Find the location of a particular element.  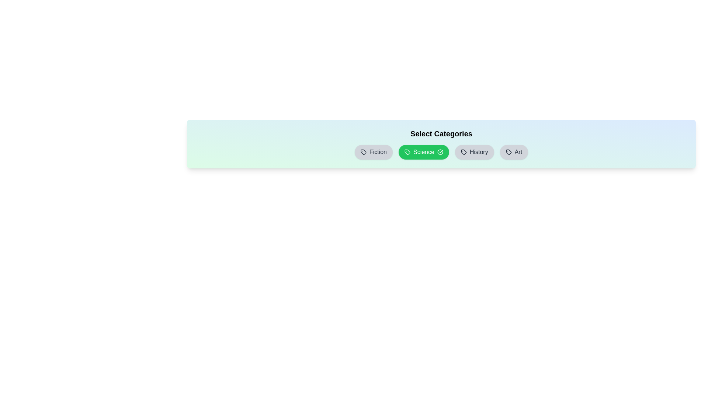

the History button is located at coordinates (474, 151).